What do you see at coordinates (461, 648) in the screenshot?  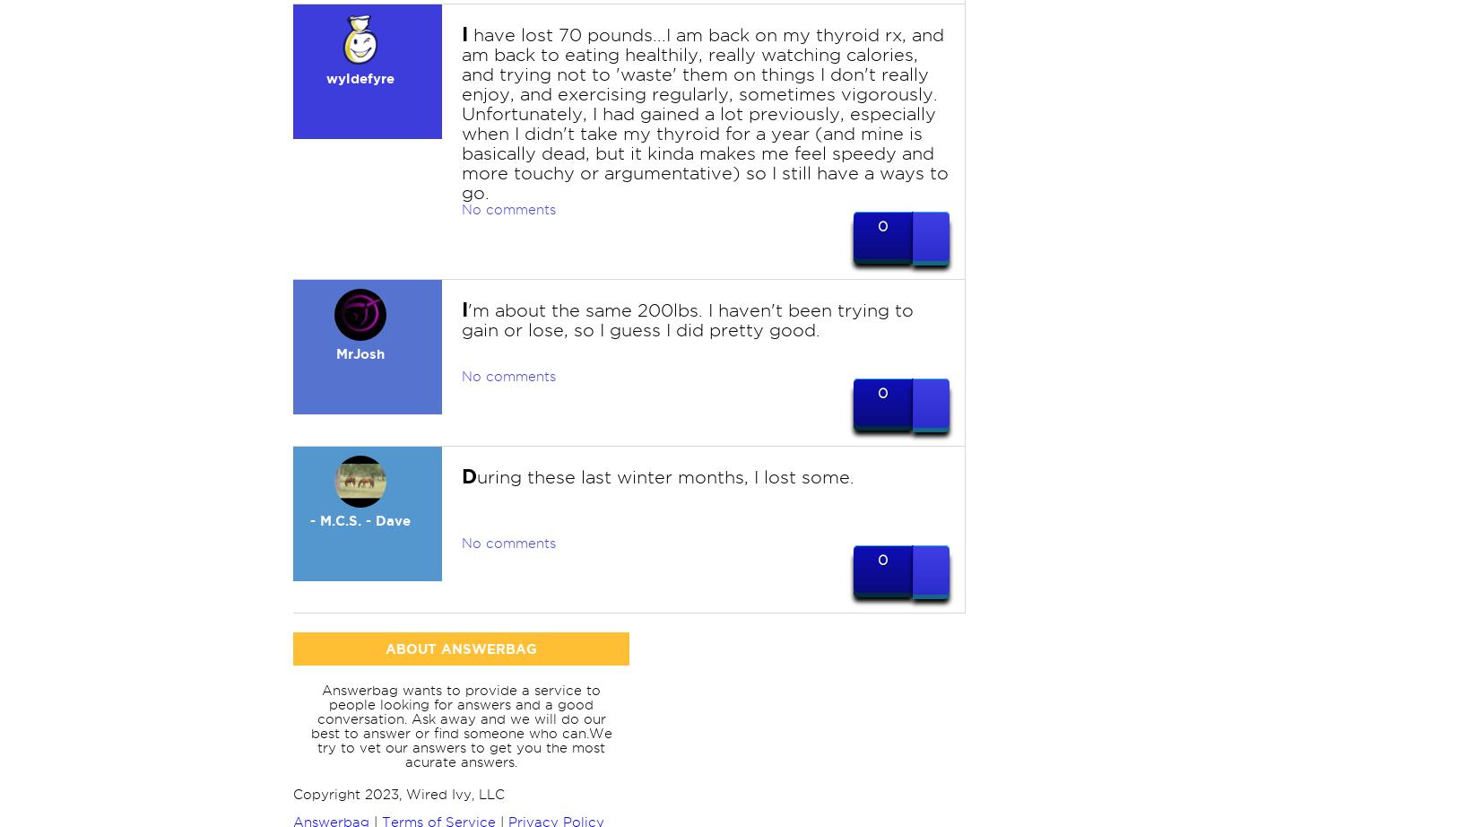 I see `'ABOUT ANSWERBAG'` at bounding box center [461, 648].